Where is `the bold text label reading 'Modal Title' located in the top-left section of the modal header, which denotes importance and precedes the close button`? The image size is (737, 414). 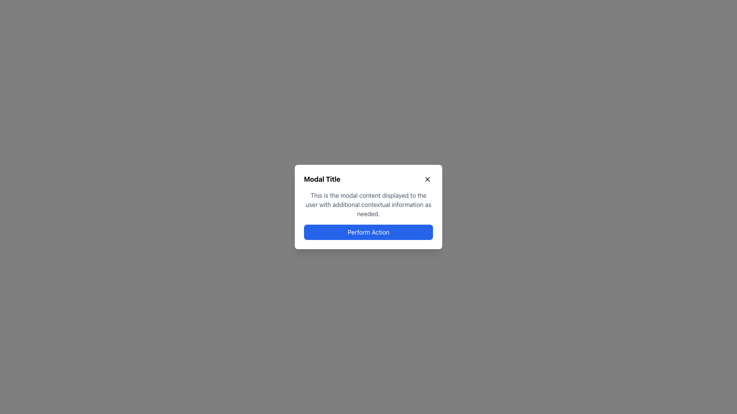 the bold text label reading 'Modal Title' located in the top-left section of the modal header, which denotes importance and precedes the close button is located at coordinates (322, 179).